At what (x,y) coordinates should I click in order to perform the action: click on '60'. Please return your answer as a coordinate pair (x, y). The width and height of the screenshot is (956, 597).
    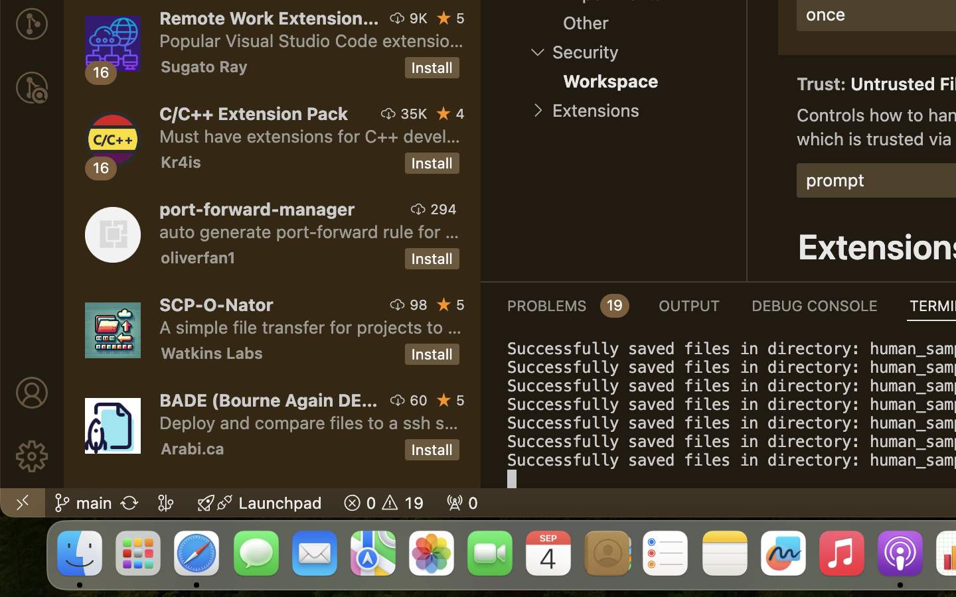
    Looking at the image, I should click on (418, 400).